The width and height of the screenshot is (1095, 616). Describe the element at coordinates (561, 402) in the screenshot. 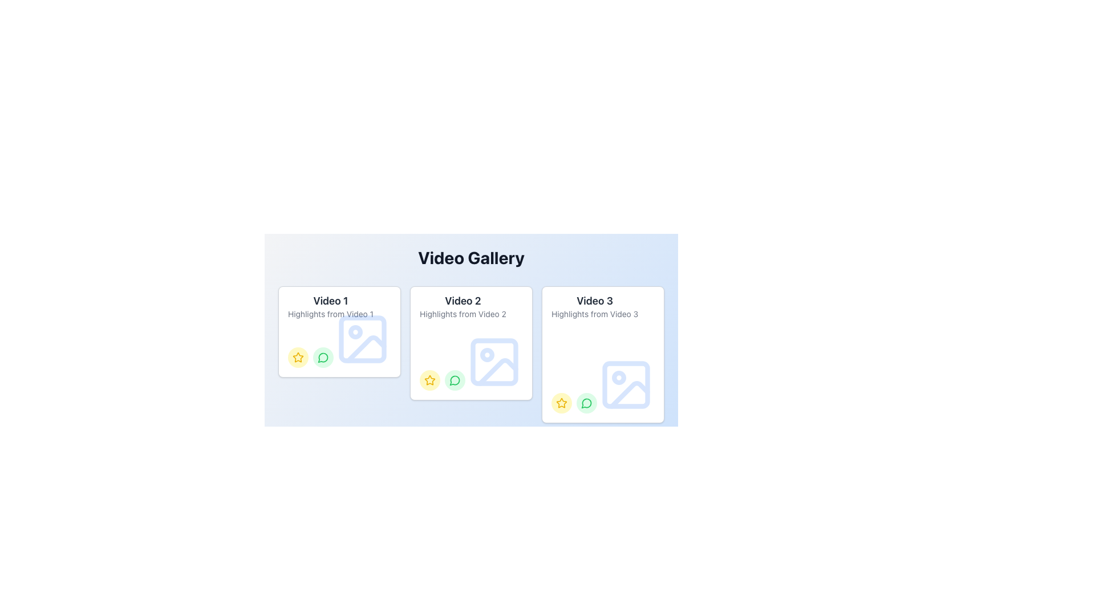

I see `the star rating icon located in the lower area of the third card` at that location.